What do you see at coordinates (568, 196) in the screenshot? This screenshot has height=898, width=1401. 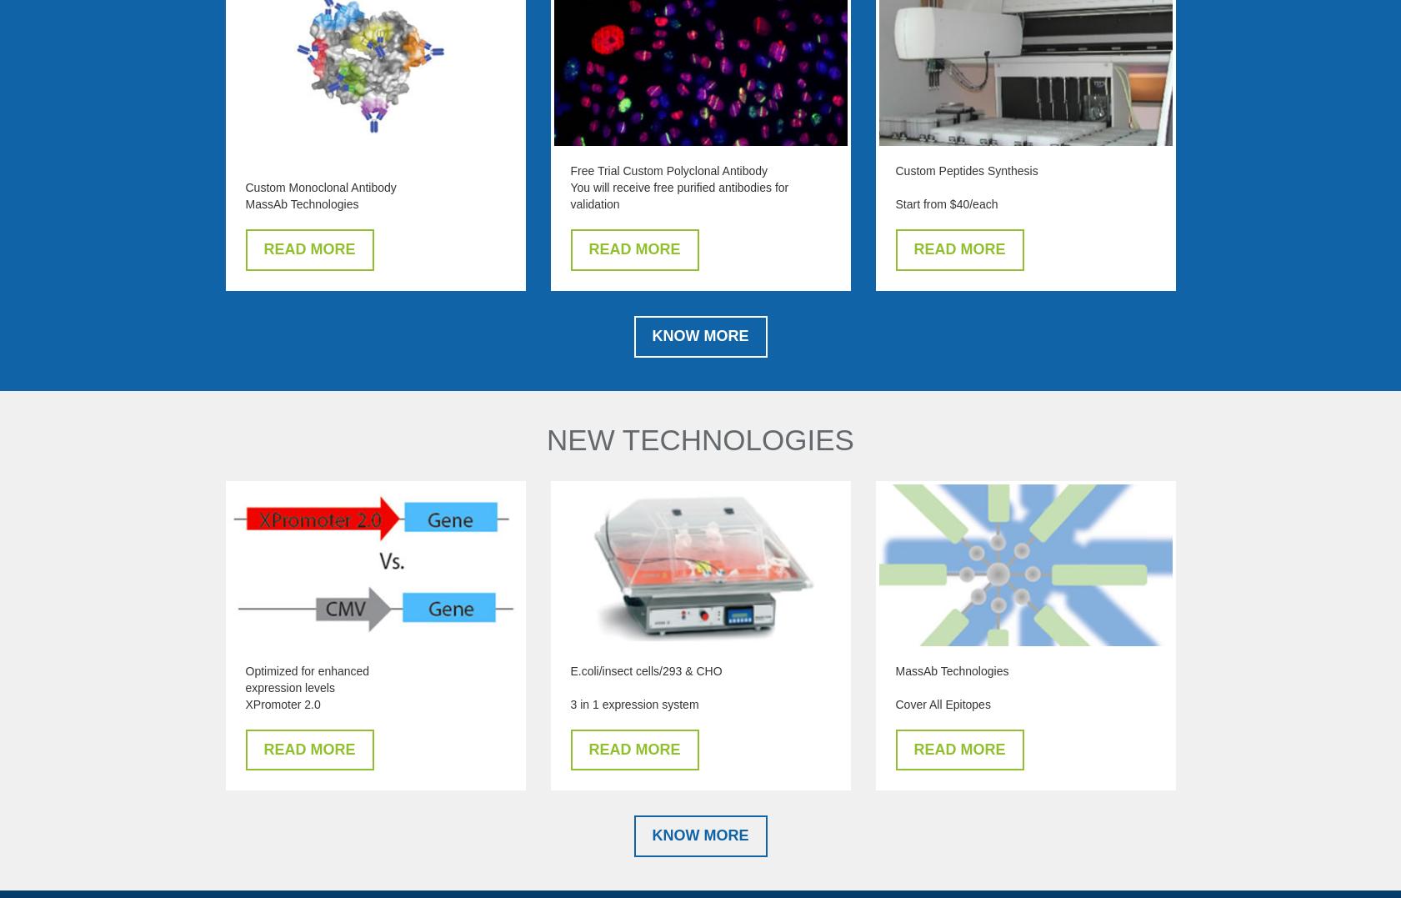 I see `'You will receive free purified antibodies for validation'` at bounding box center [568, 196].